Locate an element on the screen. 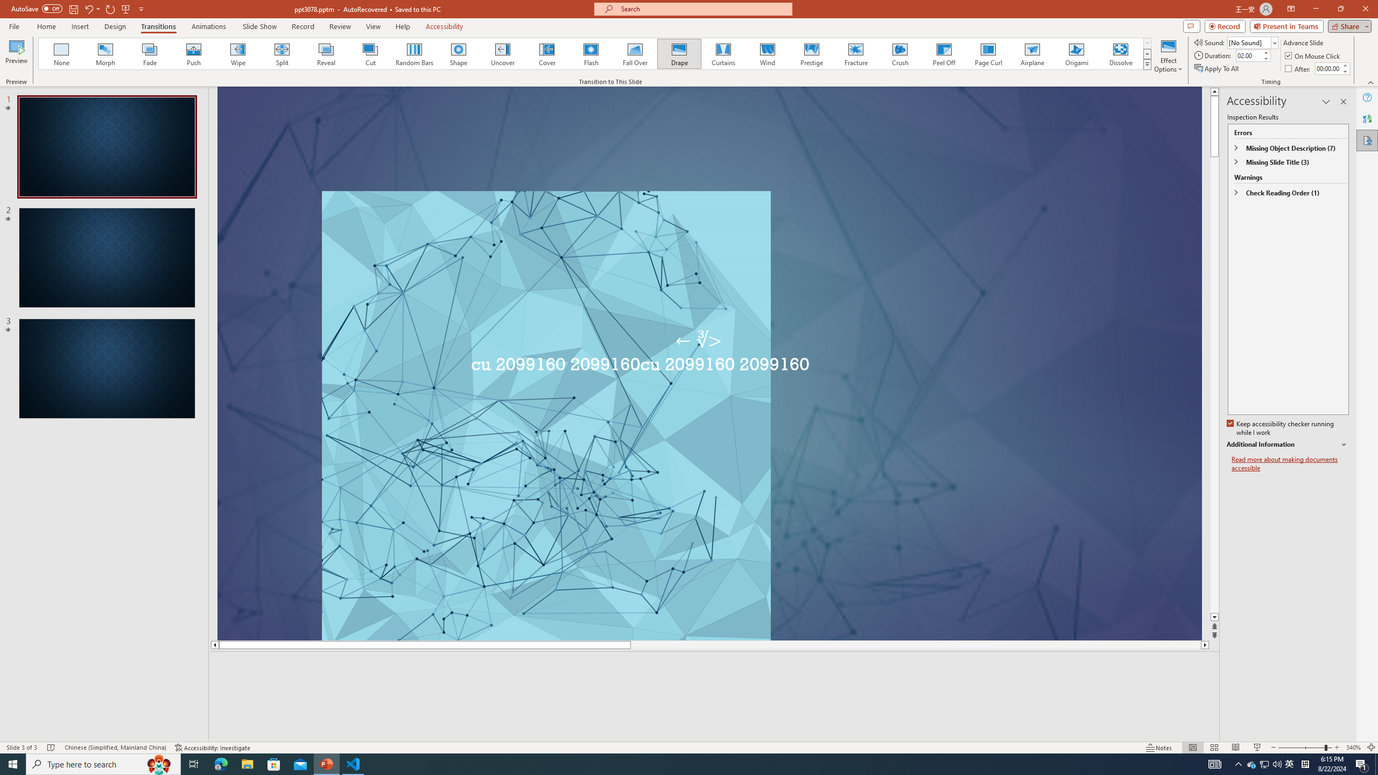 The height and width of the screenshot is (775, 1378). 'Dissolve' is located at coordinates (1120, 53).